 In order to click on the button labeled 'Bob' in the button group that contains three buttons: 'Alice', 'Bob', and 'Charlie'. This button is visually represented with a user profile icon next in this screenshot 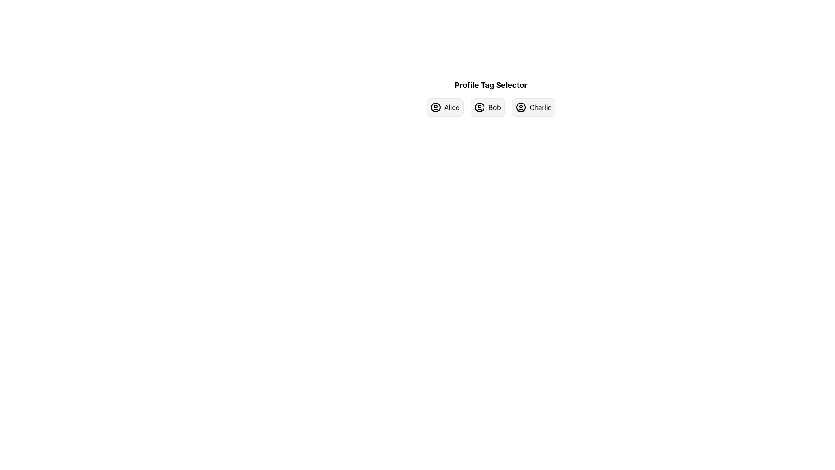, I will do `click(491, 107)`.